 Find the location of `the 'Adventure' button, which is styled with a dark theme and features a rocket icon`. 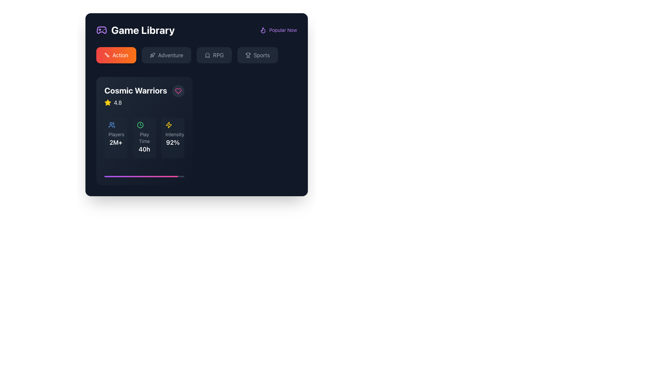

the 'Adventure' button, which is styled with a dark theme and features a rocket icon is located at coordinates (166, 55).